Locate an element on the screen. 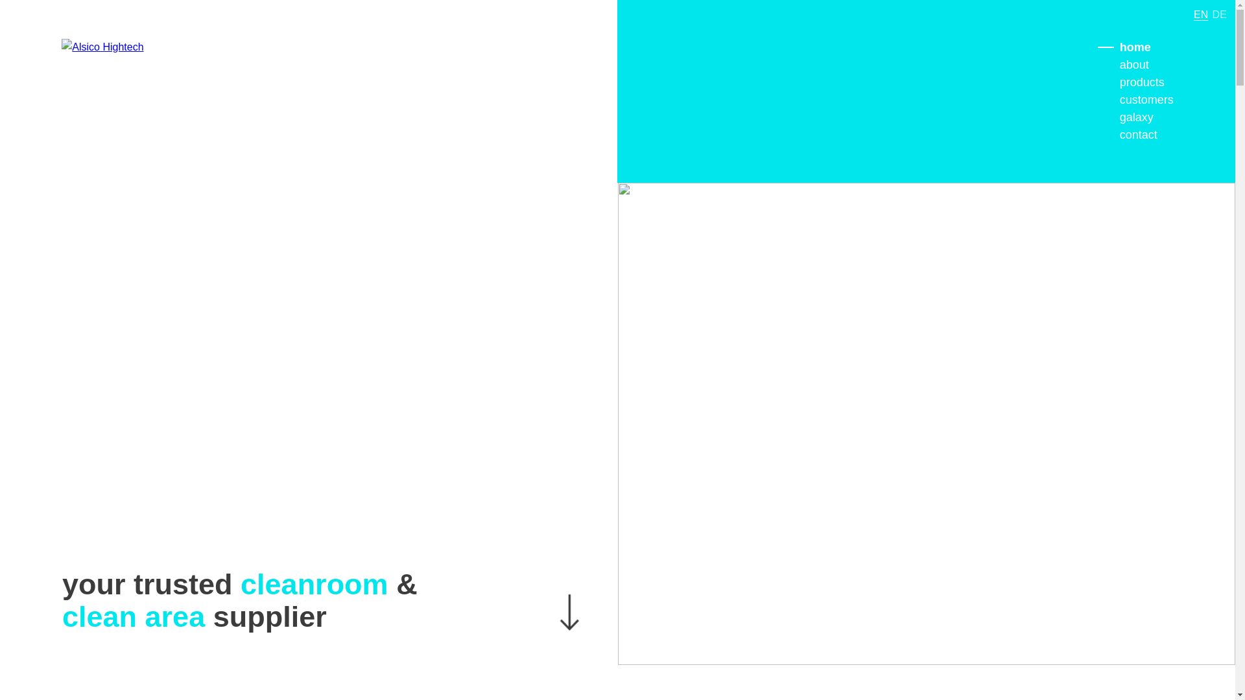 The width and height of the screenshot is (1245, 700). 'about' is located at coordinates (1133, 65).